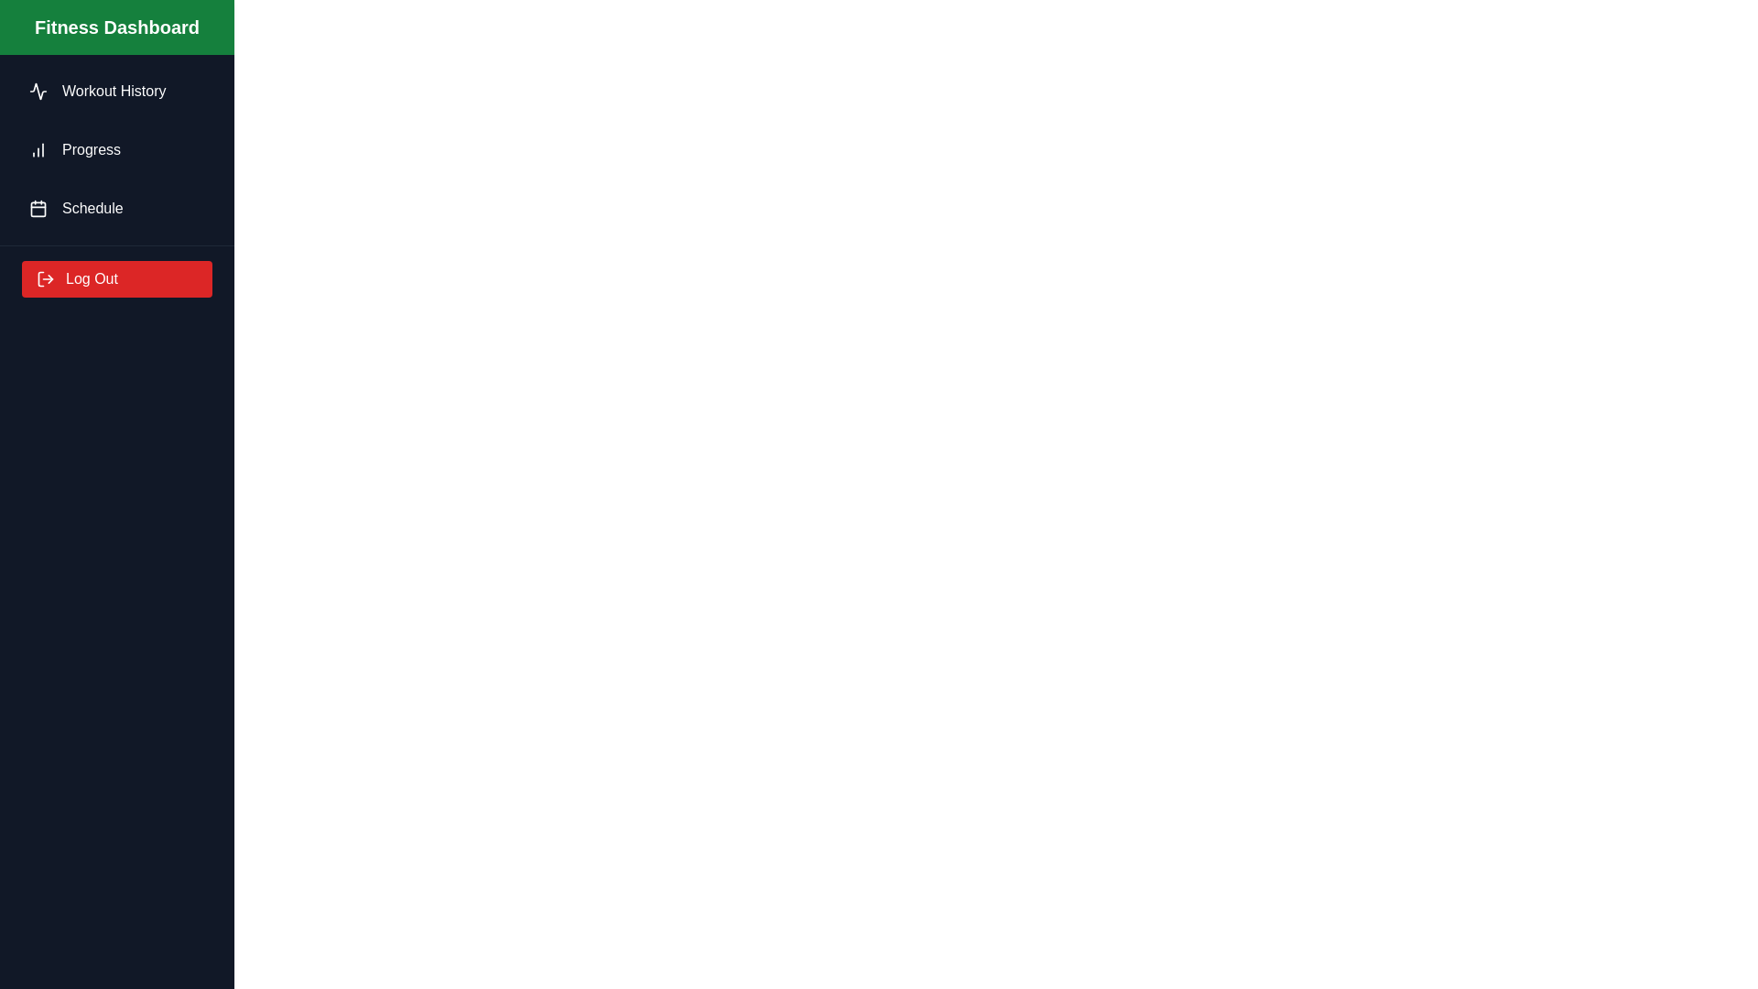  I want to click on the 'Workout History' icon located in the sidebar, so click(38, 92).